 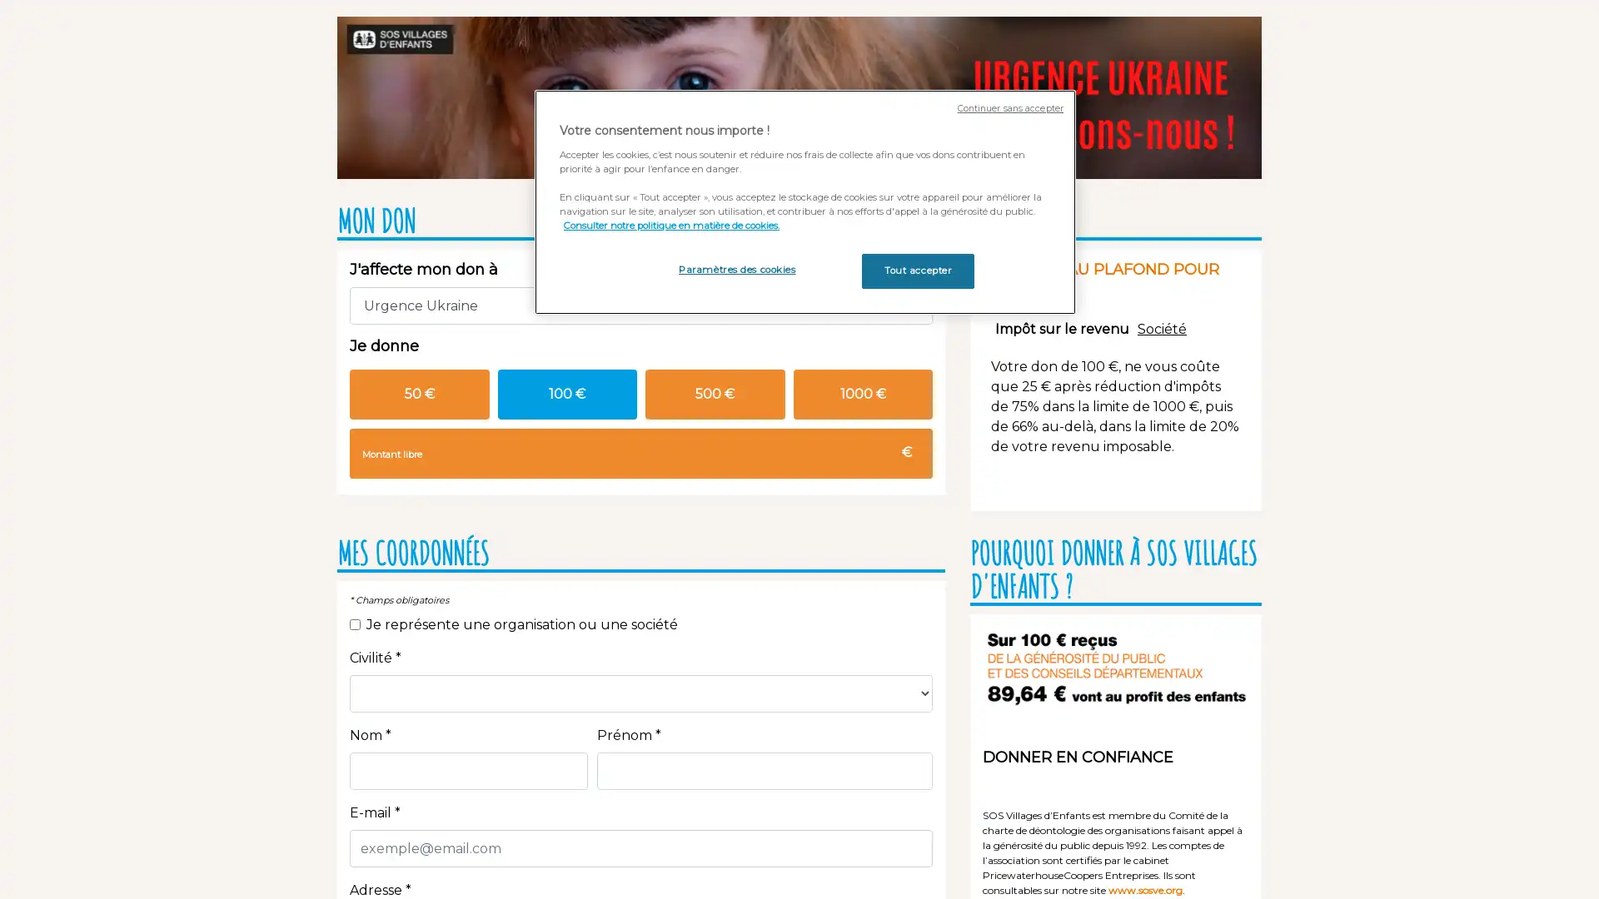 What do you see at coordinates (917, 269) in the screenshot?
I see `Tout accepter` at bounding box center [917, 269].